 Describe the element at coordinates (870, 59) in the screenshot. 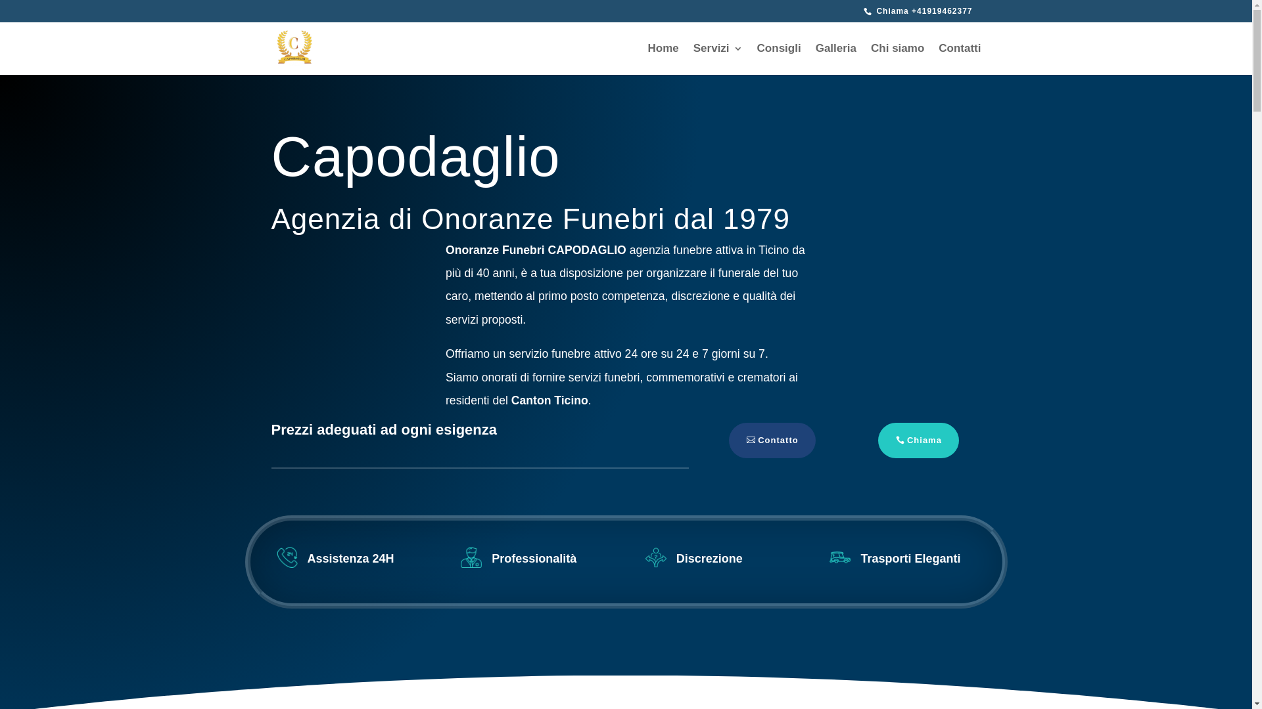

I see `'Chi siamo'` at that location.